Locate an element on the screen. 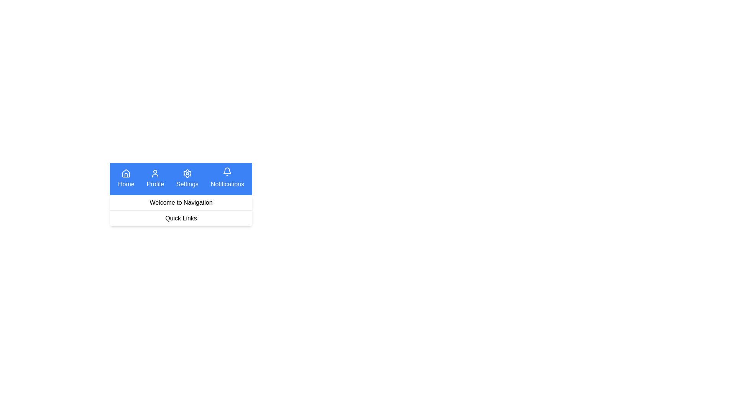  the Notifications navigation button is located at coordinates (227, 179).